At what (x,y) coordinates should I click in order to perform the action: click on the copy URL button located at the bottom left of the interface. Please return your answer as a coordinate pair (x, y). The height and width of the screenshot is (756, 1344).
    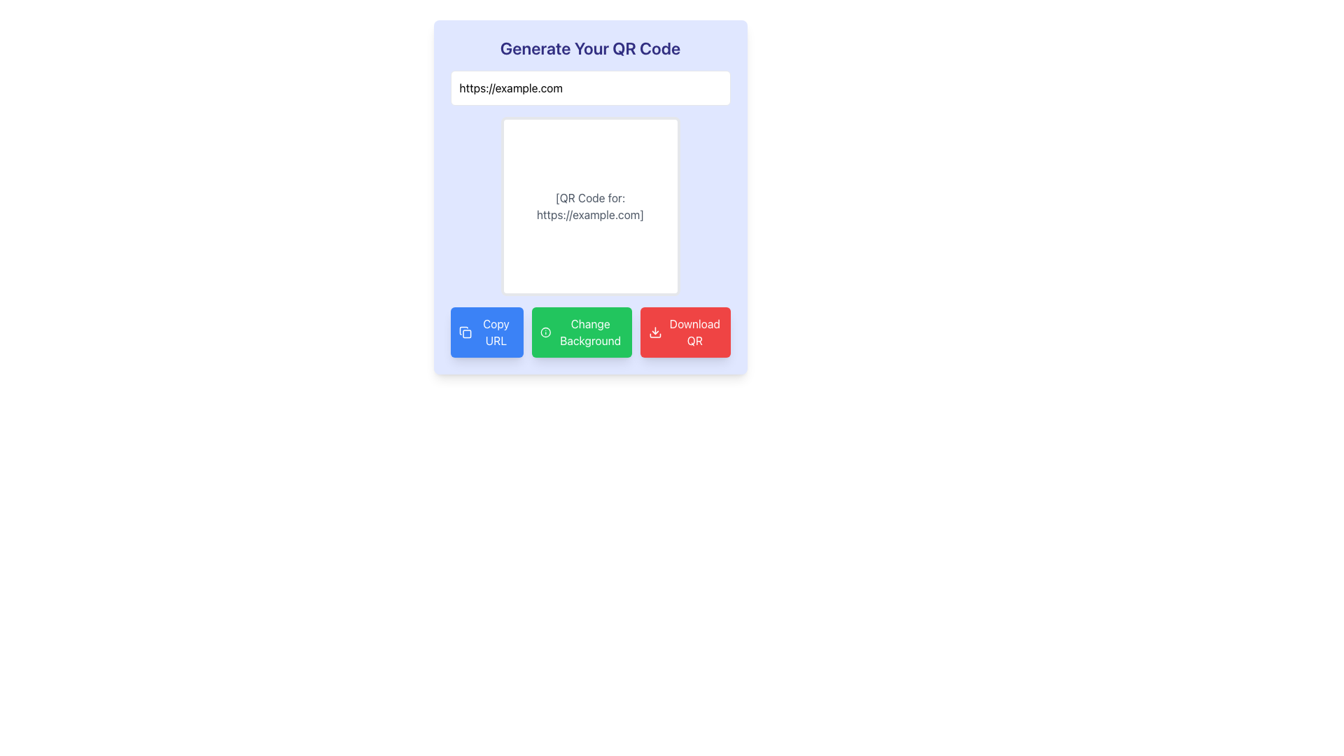
    Looking at the image, I should click on (487, 332).